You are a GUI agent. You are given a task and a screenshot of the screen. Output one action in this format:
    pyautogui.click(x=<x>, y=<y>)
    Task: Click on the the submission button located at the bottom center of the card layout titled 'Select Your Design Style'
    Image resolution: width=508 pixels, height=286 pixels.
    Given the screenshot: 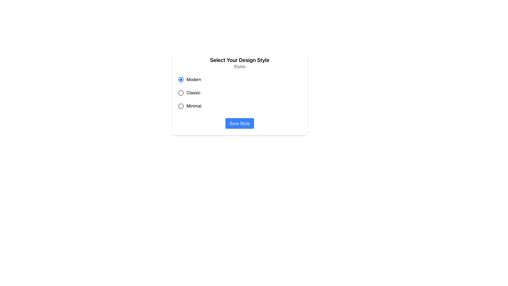 What is the action you would take?
    pyautogui.click(x=239, y=123)
    